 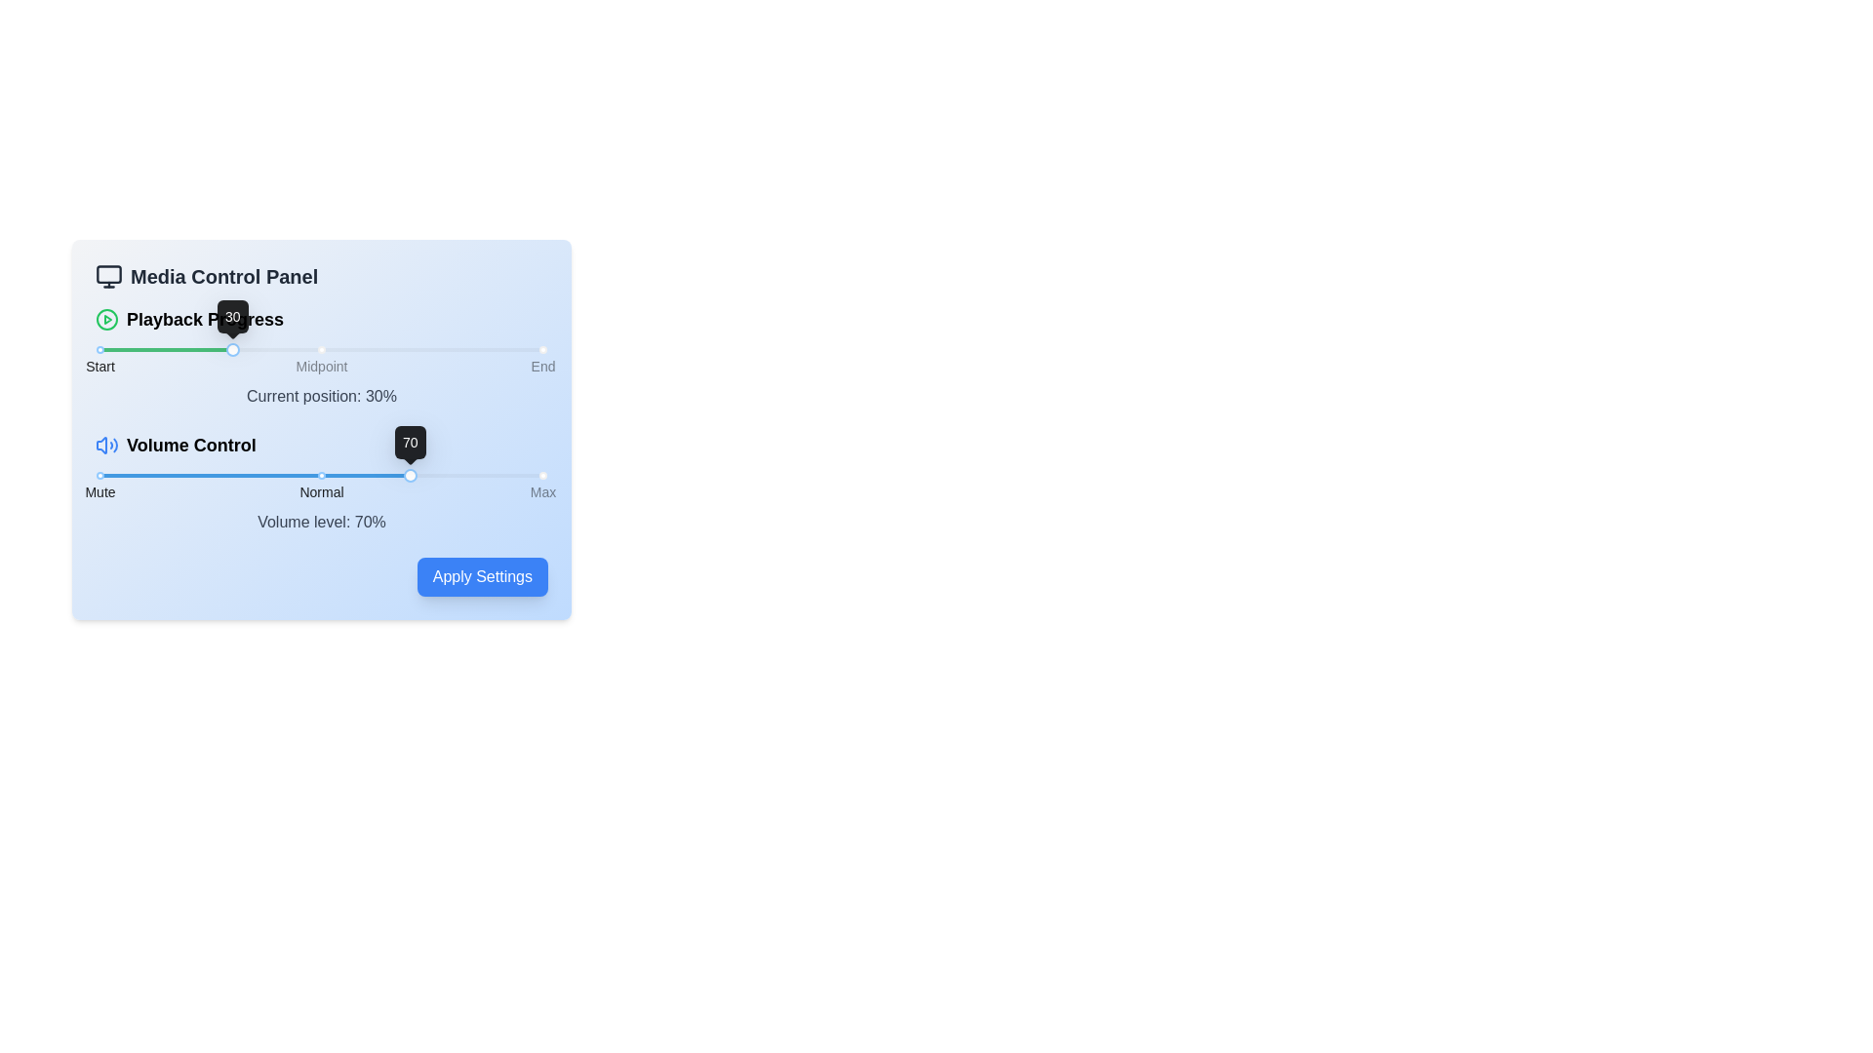 What do you see at coordinates (429, 476) in the screenshot?
I see `the volume` at bounding box center [429, 476].